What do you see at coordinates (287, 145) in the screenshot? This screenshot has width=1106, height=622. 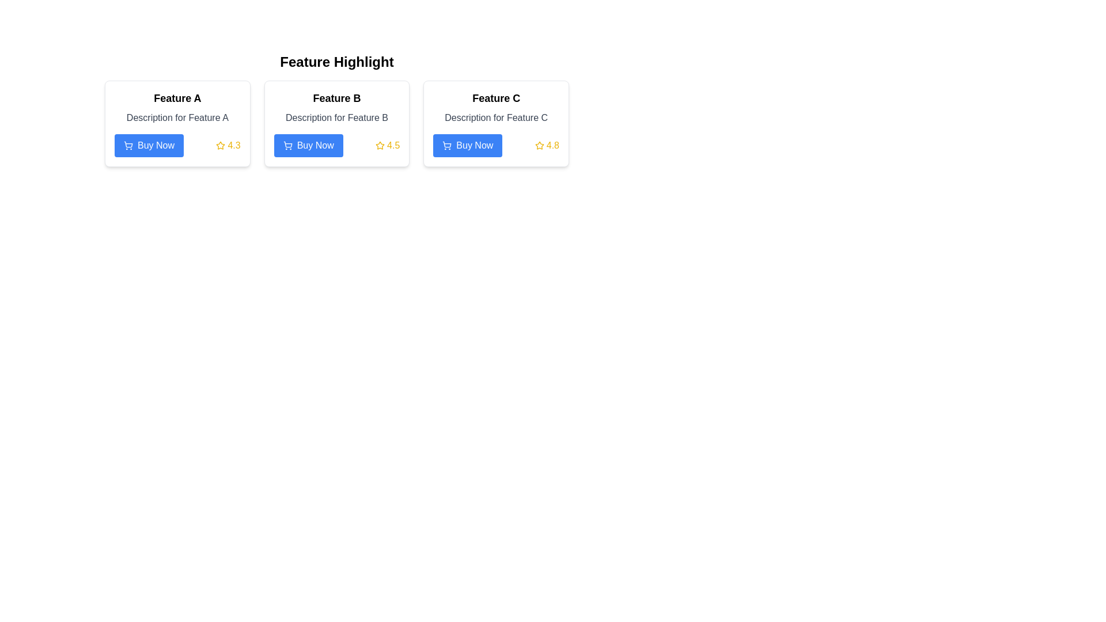 I see `the shopping cart icon located on the left side of the 'Buy Now' button, which is part of a central card in a row of three feature cards` at bounding box center [287, 145].